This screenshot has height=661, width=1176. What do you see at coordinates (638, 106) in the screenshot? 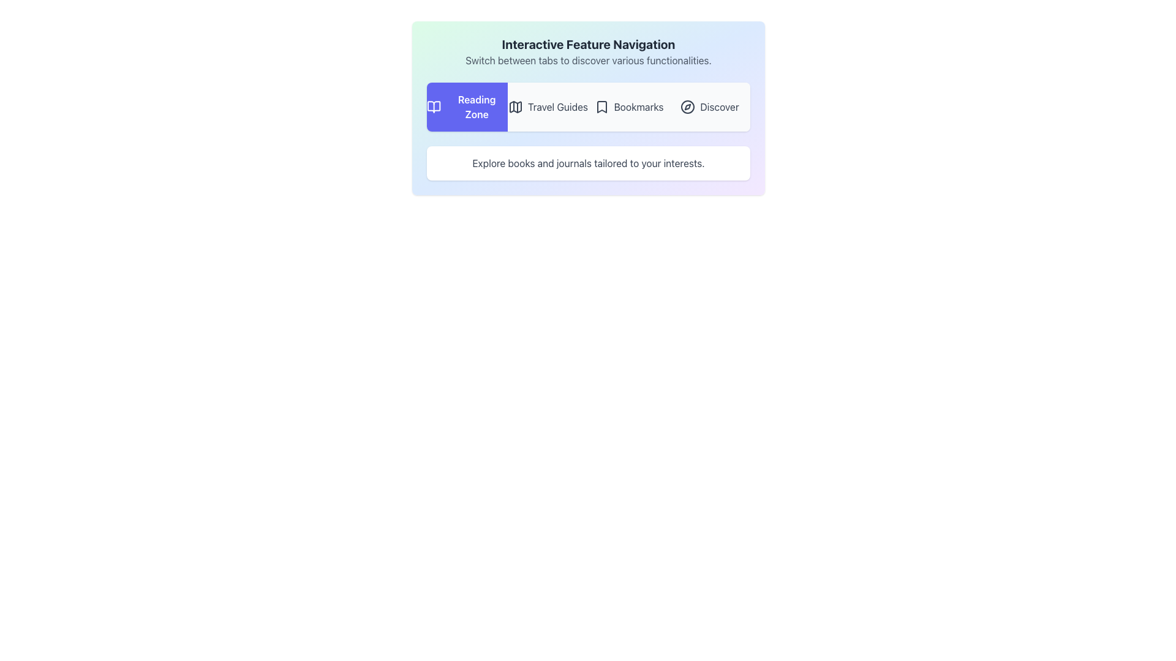
I see `the static text label that serves as a navigational option for bookmarks, located in the horizontal navigation bar between 'Travel Guides' and 'Discover'` at bounding box center [638, 106].